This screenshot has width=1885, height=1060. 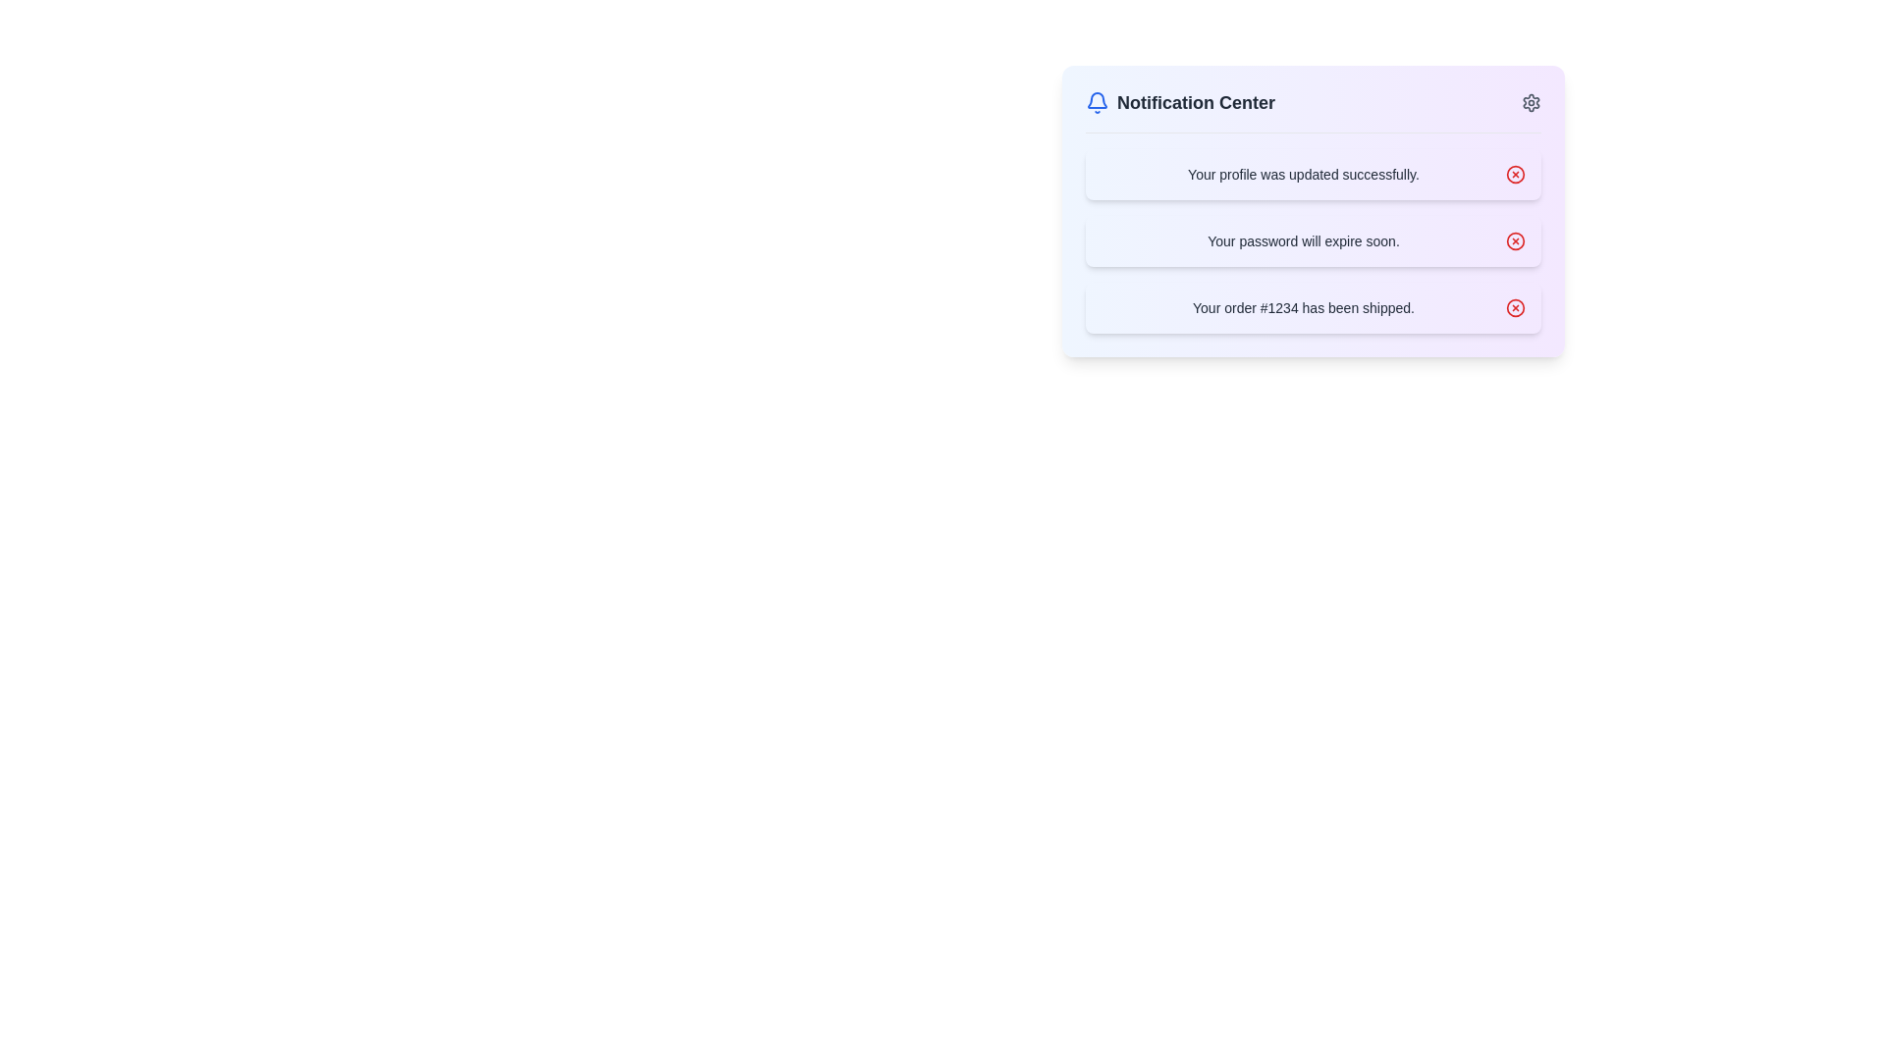 What do you see at coordinates (1515, 240) in the screenshot?
I see `the circular red outlined 'X' icon located next to the notification 'Your password will expire soon.'` at bounding box center [1515, 240].